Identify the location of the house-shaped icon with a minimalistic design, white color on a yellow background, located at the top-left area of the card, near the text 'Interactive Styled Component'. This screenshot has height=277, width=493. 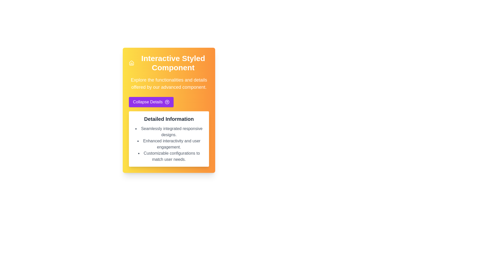
(131, 63).